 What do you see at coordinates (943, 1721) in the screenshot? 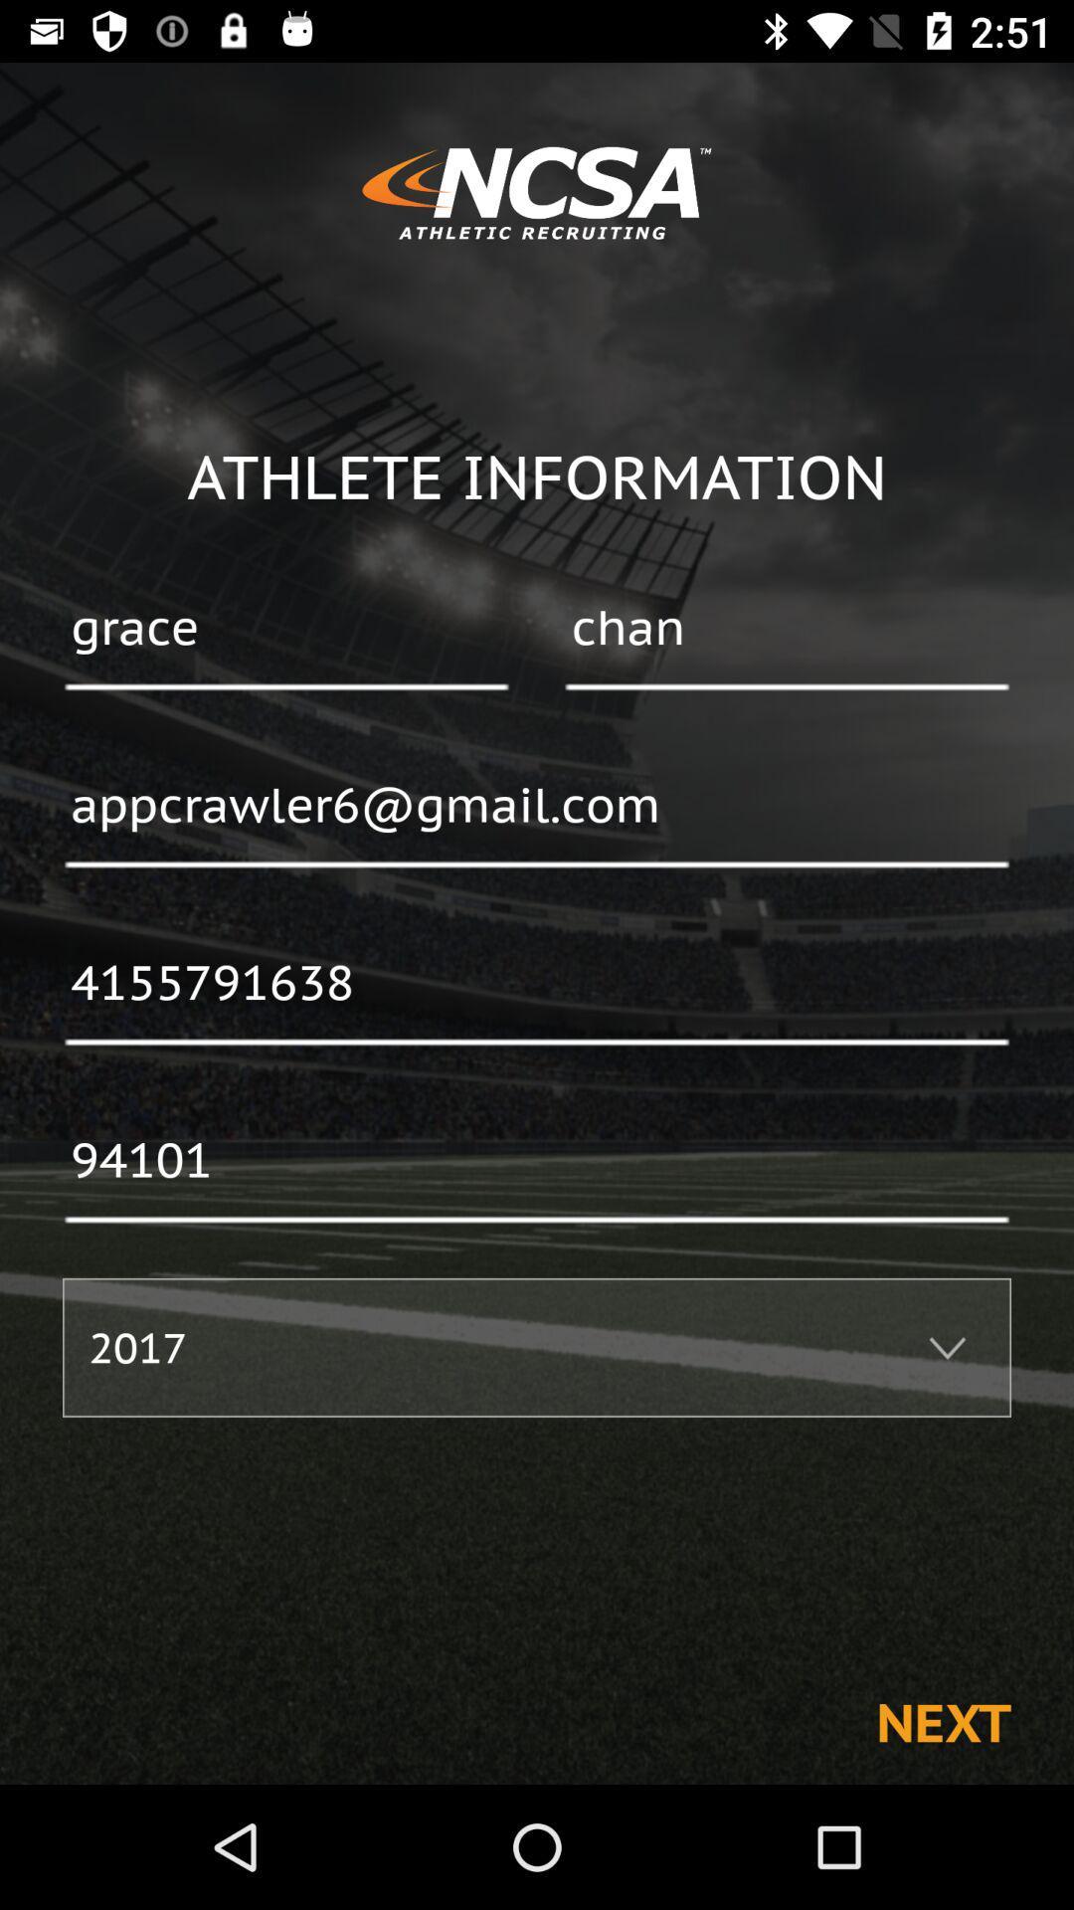
I see `the next icon` at bounding box center [943, 1721].